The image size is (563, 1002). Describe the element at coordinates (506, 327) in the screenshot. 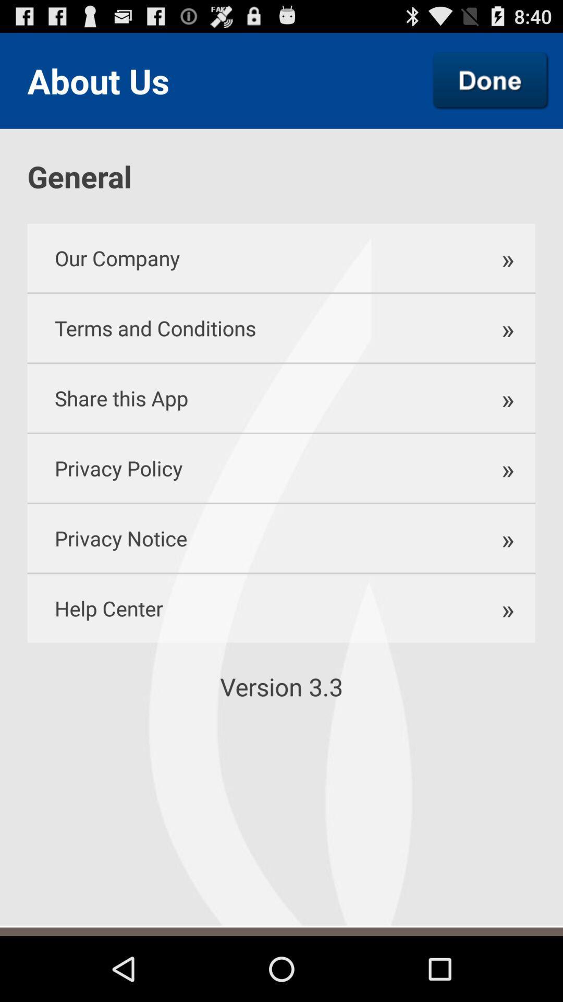

I see `the button to the right of terms and conditions` at that location.